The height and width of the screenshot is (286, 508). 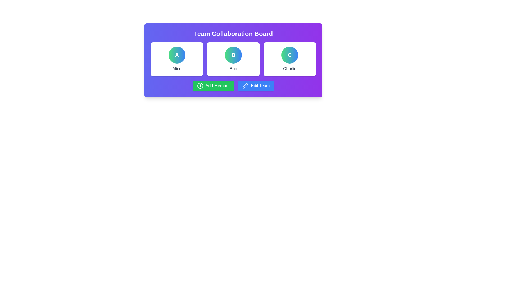 What do you see at coordinates (233, 59) in the screenshot?
I see `the profile card representing user 'Bob', which is the middle item in a row of three similar items, to interact with it` at bounding box center [233, 59].